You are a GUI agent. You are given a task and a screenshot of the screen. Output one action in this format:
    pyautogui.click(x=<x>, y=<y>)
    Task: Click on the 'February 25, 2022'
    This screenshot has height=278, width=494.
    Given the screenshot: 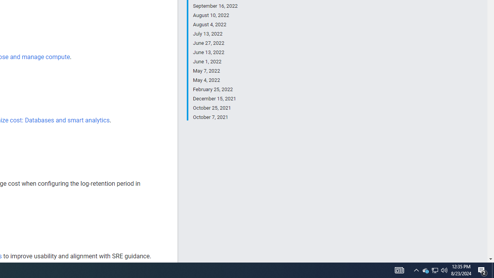 What is the action you would take?
    pyautogui.click(x=215, y=89)
    